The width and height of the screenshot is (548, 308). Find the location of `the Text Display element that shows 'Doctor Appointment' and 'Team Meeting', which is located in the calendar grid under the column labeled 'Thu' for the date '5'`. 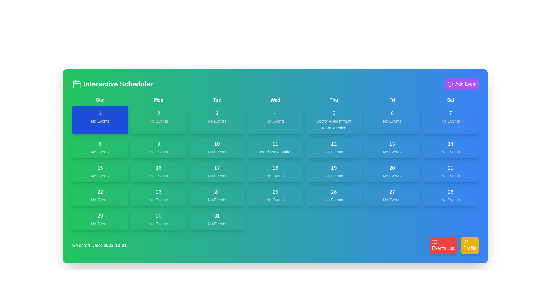

the Text Display element that shows 'Doctor Appointment' and 'Team Meeting', which is located in the calendar grid under the column labeled 'Thu' for the date '5' is located at coordinates (334, 124).